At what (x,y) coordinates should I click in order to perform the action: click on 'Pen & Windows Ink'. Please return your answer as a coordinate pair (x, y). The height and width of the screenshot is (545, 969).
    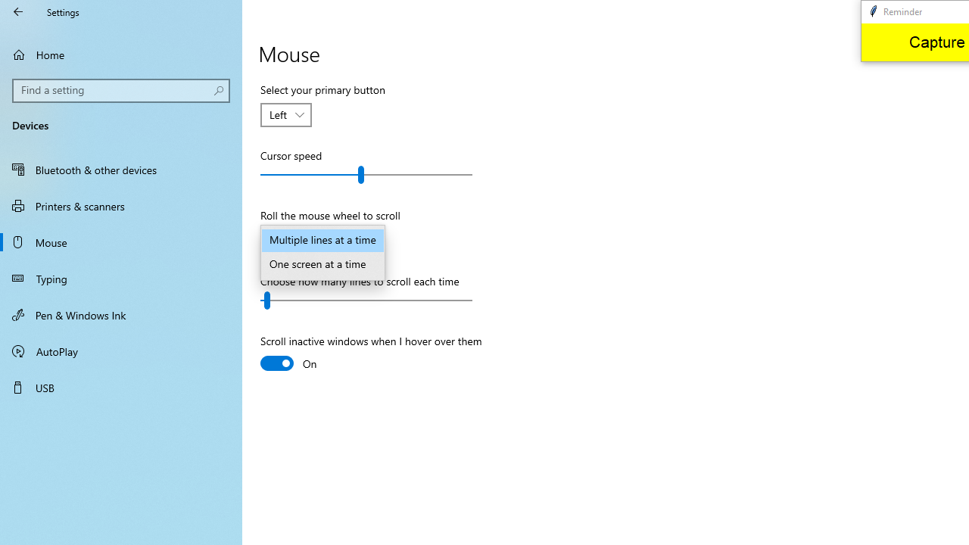
    Looking at the image, I should click on (121, 313).